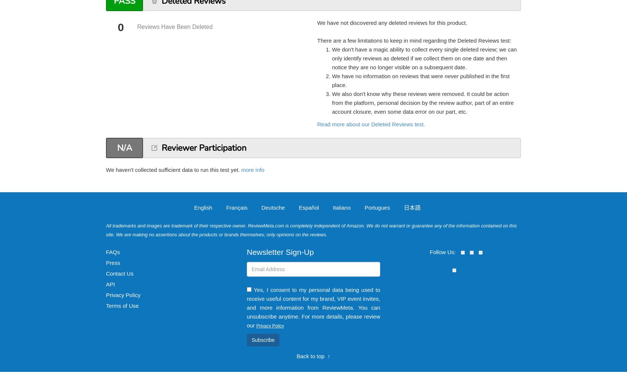 This screenshot has height=383, width=627. Describe the element at coordinates (261, 207) in the screenshot. I see `'Deutsche'` at that location.